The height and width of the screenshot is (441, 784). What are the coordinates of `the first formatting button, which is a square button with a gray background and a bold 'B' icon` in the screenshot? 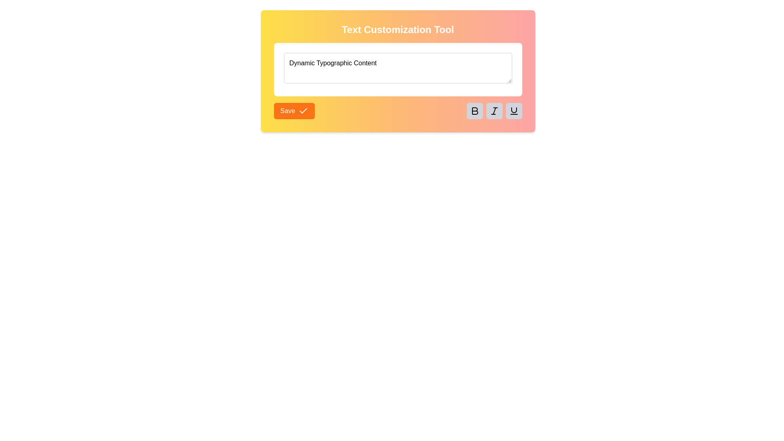 It's located at (474, 111).